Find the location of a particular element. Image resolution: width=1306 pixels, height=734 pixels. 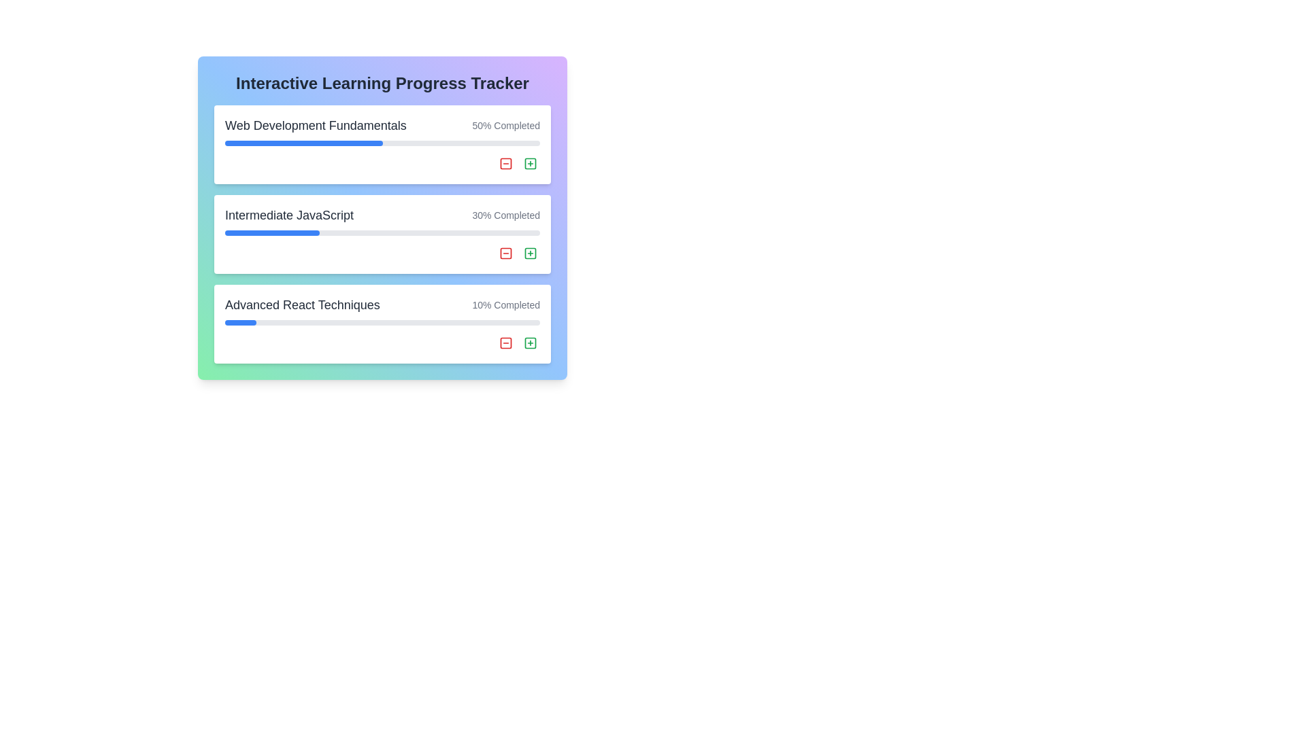

the rectangular graphical element that is part of the button on the far right of the 'Intermediate JavaScript' progress tracker row is located at coordinates (529, 162).